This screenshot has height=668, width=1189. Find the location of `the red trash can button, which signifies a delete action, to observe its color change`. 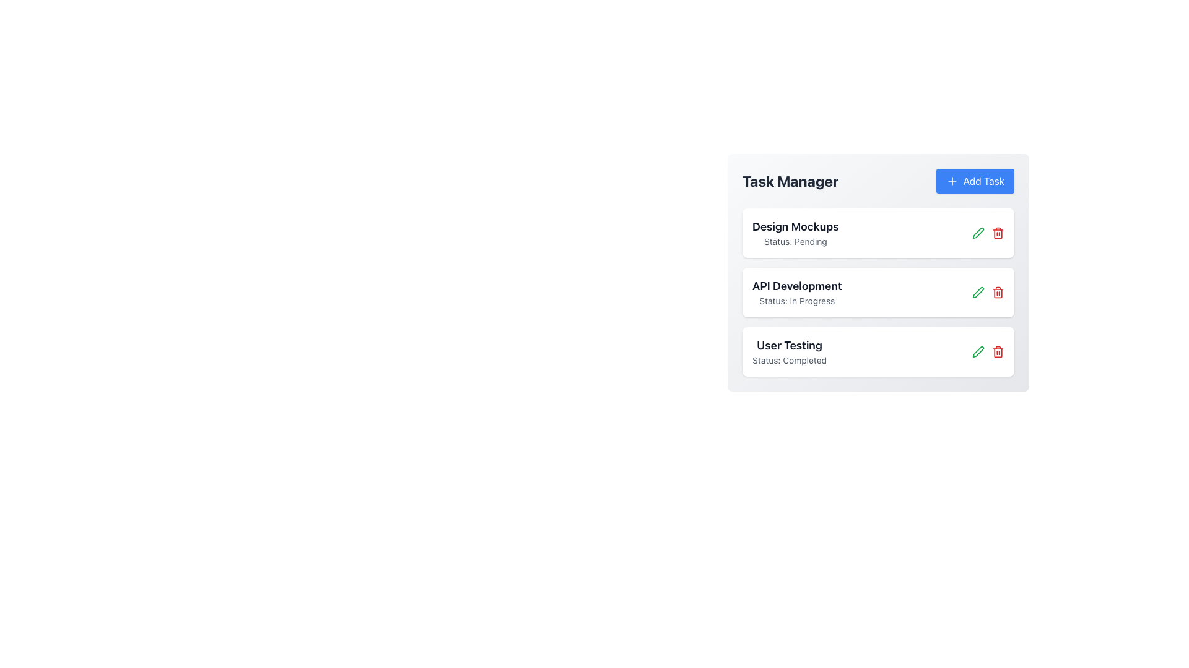

the red trash can button, which signifies a delete action, to observe its color change is located at coordinates (998, 352).